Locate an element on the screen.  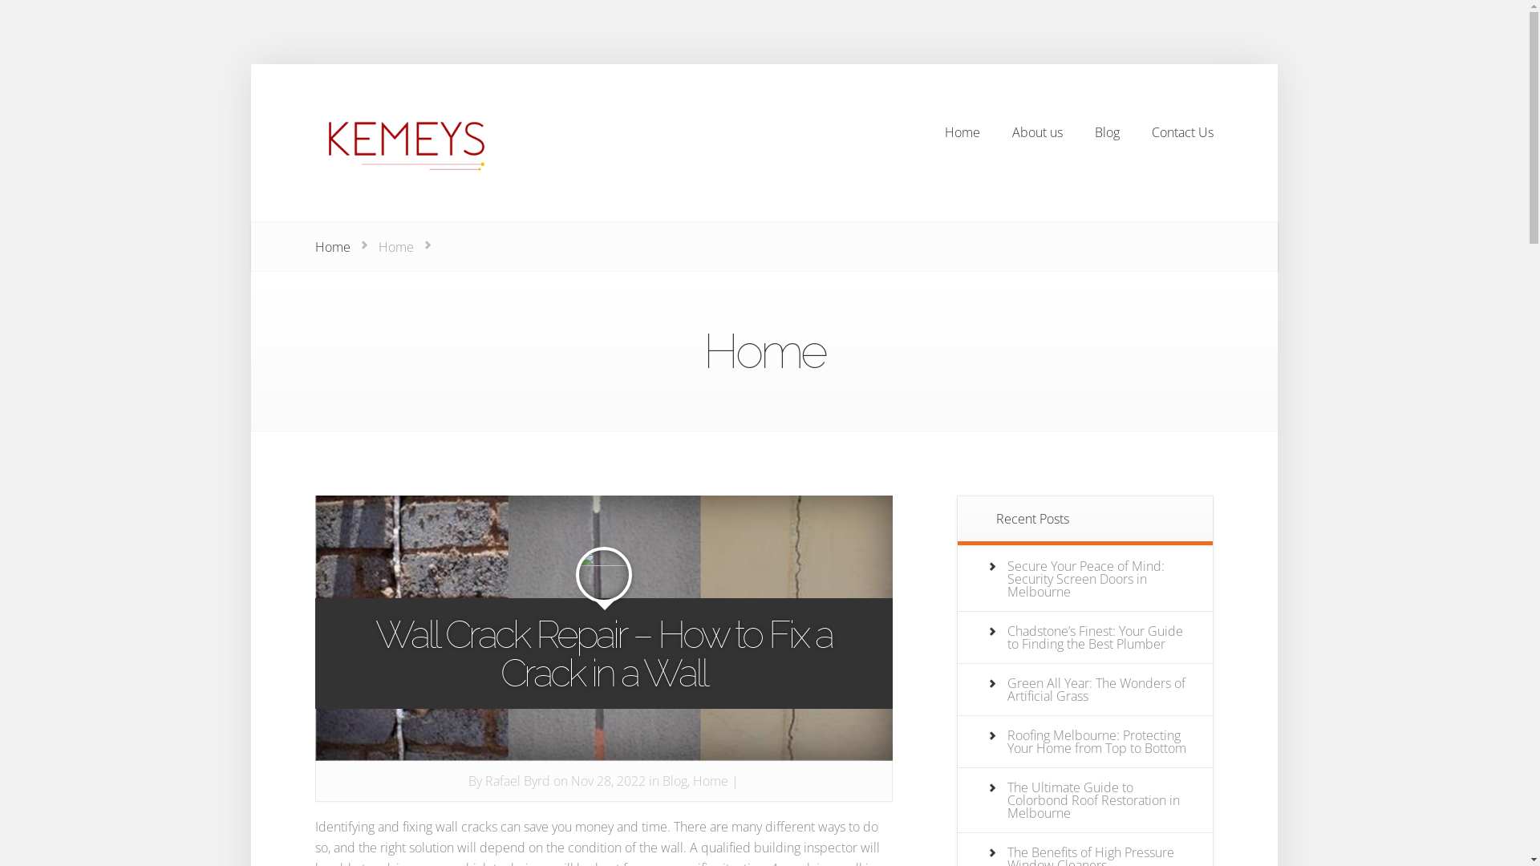
'About us' is located at coordinates (1037, 132).